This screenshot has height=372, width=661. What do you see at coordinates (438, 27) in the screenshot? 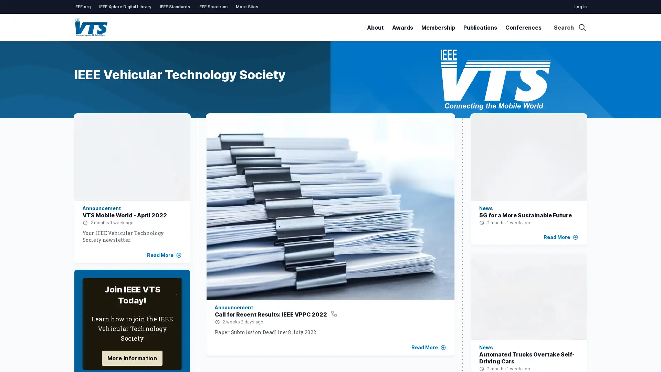
I see `Membership` at bounding box center [438, 27].